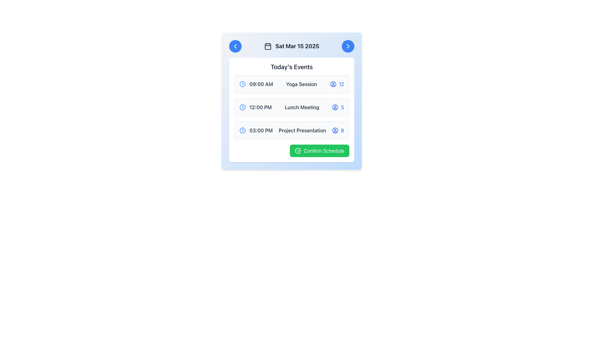  What do you see at coordinates (348, 46) in the screenshot?
I see `the rightward chevron icon inside the circular blue button located in the top-right corner of the card interface` at bounding box center [348, 46].